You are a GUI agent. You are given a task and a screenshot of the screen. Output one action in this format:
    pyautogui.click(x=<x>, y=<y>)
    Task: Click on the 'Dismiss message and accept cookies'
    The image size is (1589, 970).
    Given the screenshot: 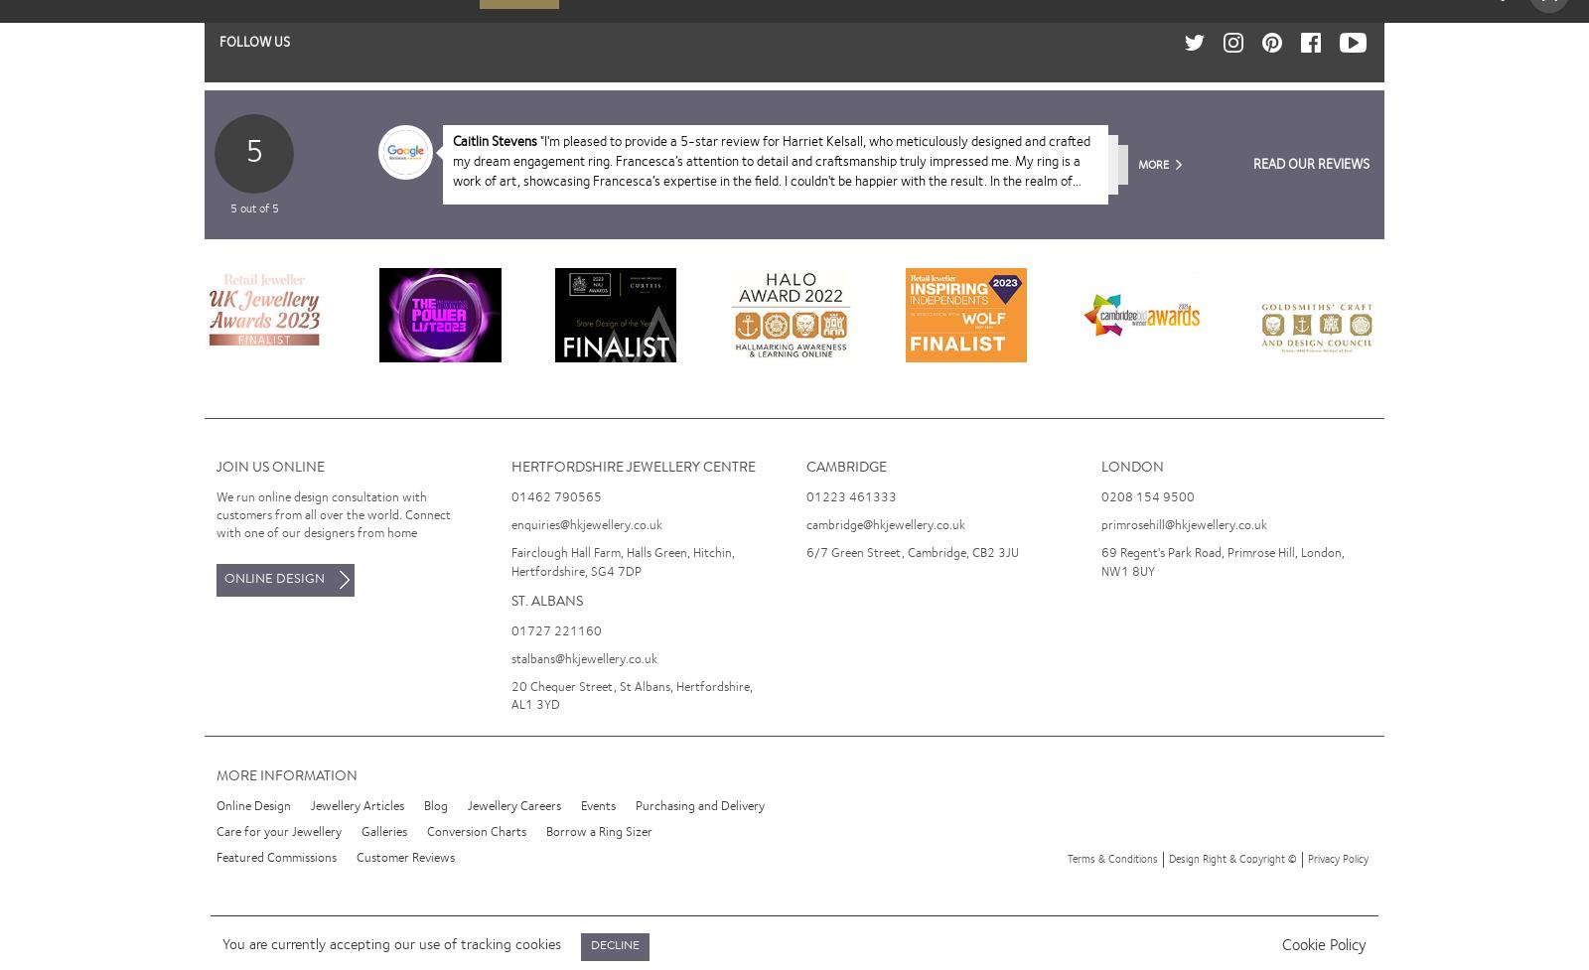 What is the action you would take?
    pyautogui.click(x=1558, y=52)
    